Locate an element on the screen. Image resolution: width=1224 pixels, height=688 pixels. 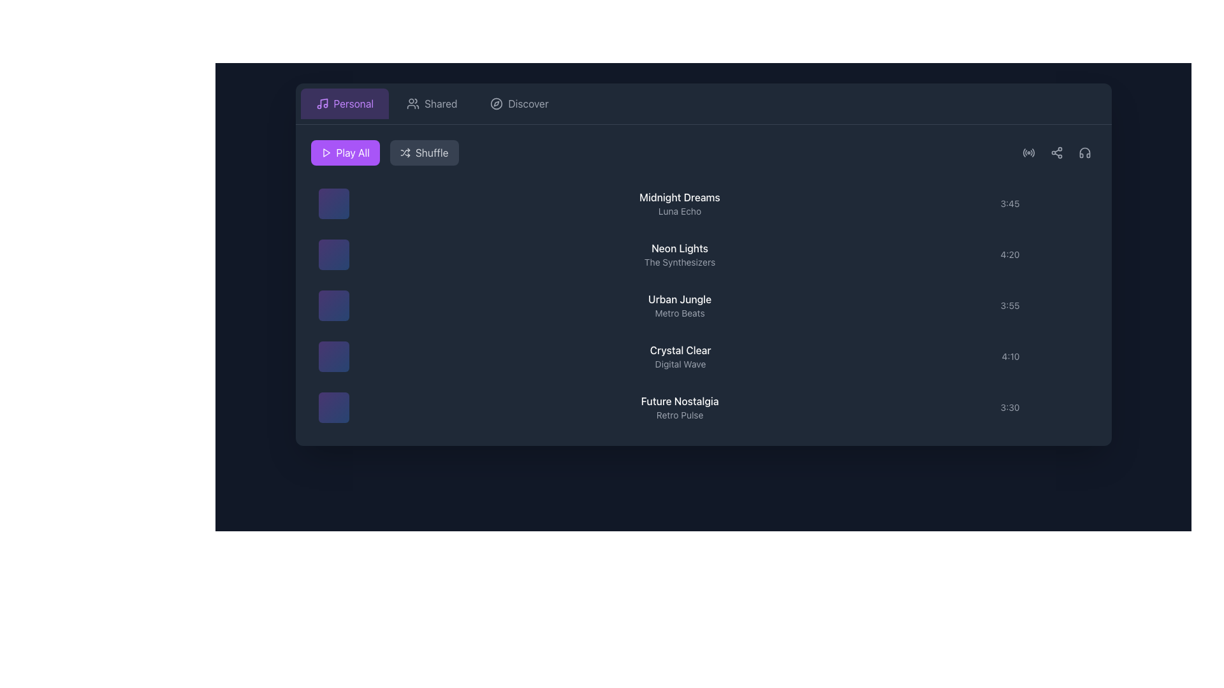
the playback button located to the left of the gray 'Shuffle' button in the top-left interface under the 'Personal' tab is located at coordinates (345, 152).